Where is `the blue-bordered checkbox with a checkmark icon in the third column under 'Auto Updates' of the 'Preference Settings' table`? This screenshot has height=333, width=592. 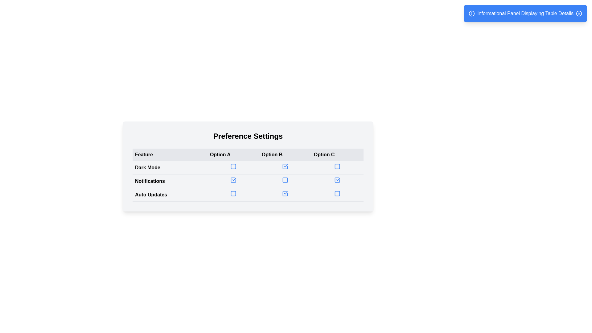 the blue-bordered checkbox with a checkmark icon in the third column under 'Auto Updates' of the 'Preference Settings' table is located at coordinates (285, 193).